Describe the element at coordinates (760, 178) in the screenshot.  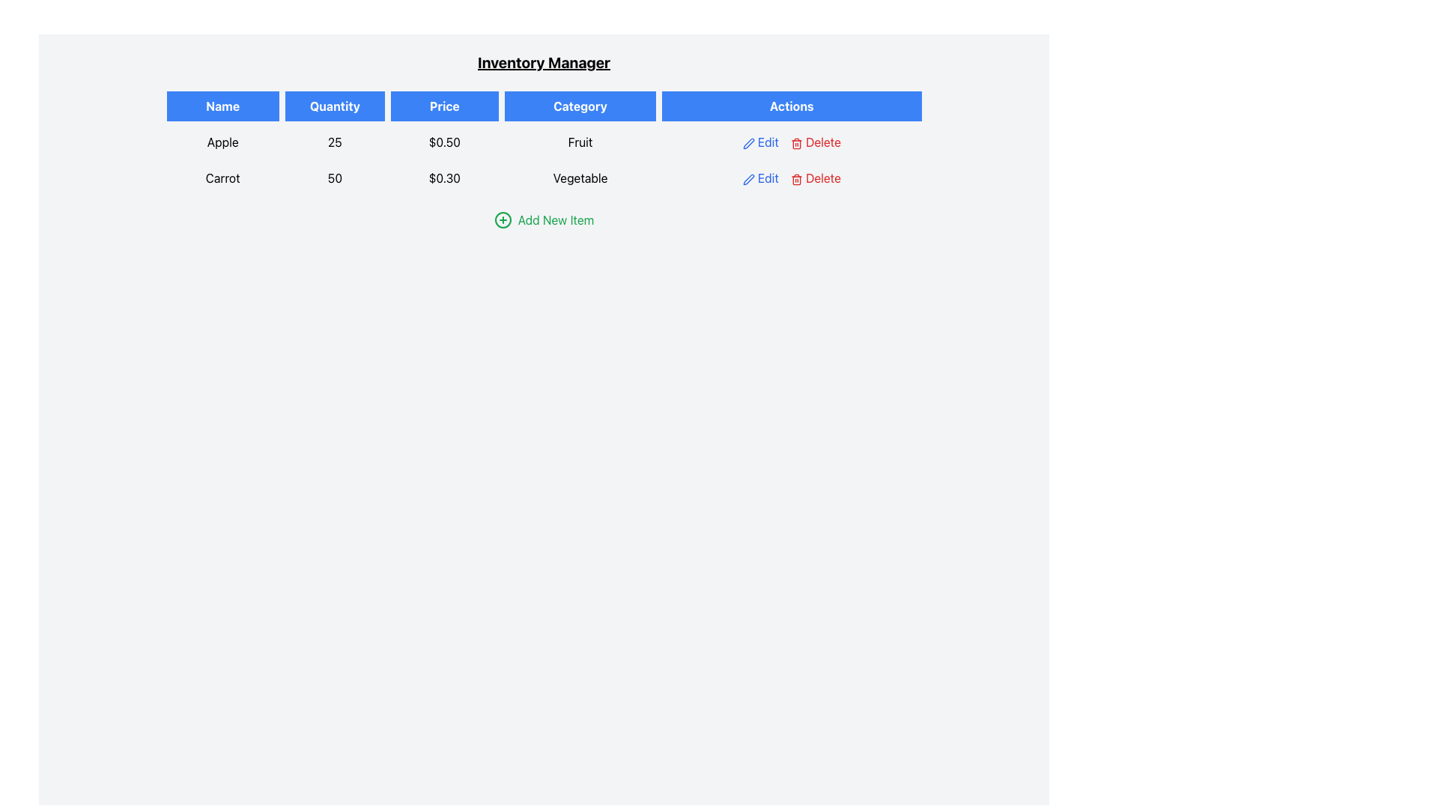
I see `the editable link icon in the 'Actions' column for the 'Vegetable' item` at that location.